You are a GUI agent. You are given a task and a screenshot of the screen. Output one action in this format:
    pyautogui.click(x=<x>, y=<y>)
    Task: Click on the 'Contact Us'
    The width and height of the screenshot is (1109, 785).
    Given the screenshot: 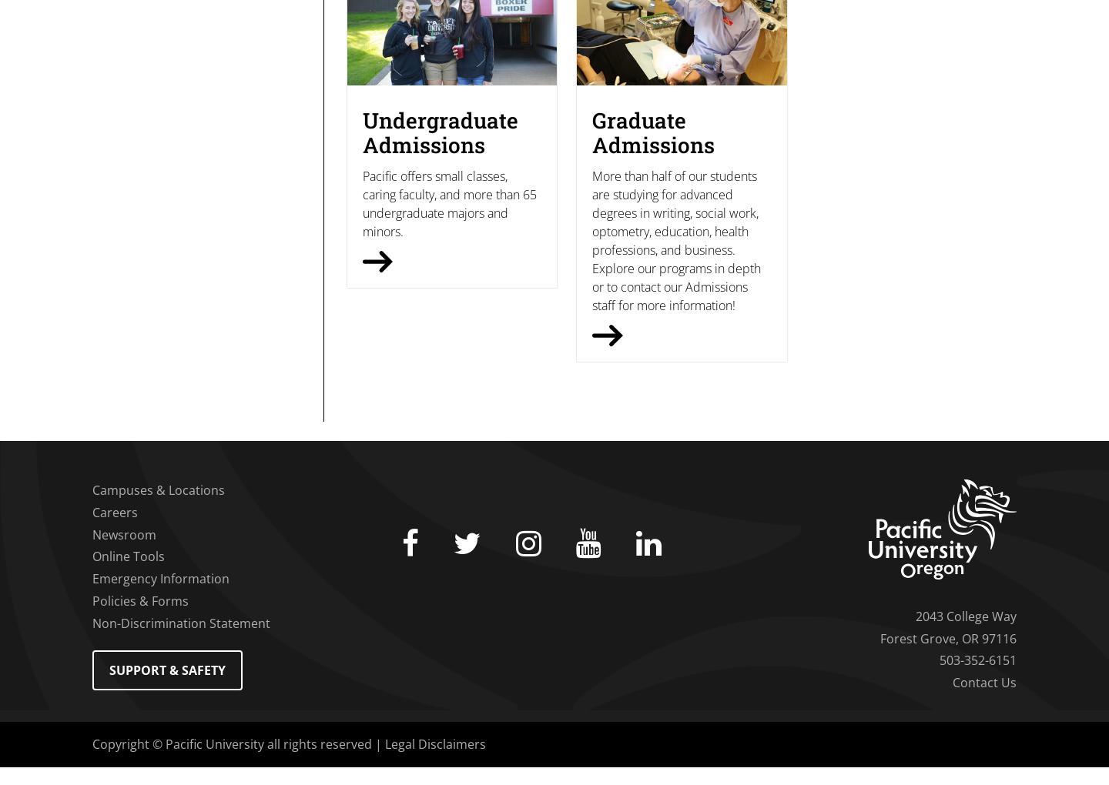 What is the action you would take?
    pyautogui.click(x=984, y=681)
    